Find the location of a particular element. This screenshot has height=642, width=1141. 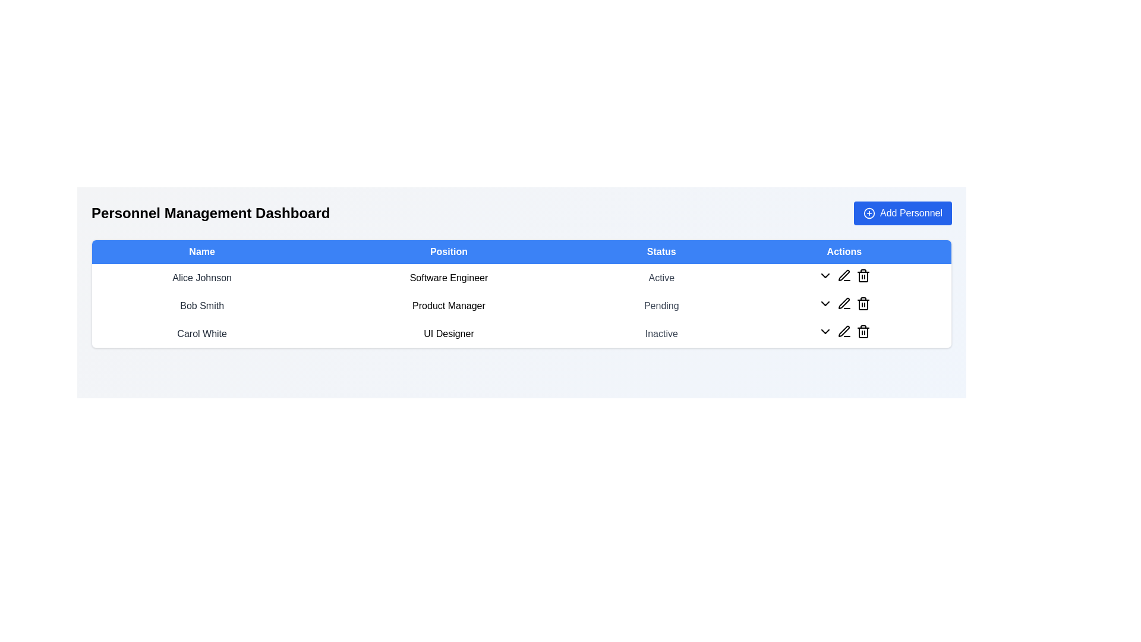

the text block that describes the position associated with 'Carol White' in the personnel management interface, located in the 'Position' column of the third row is located at coordinates (448, 333).